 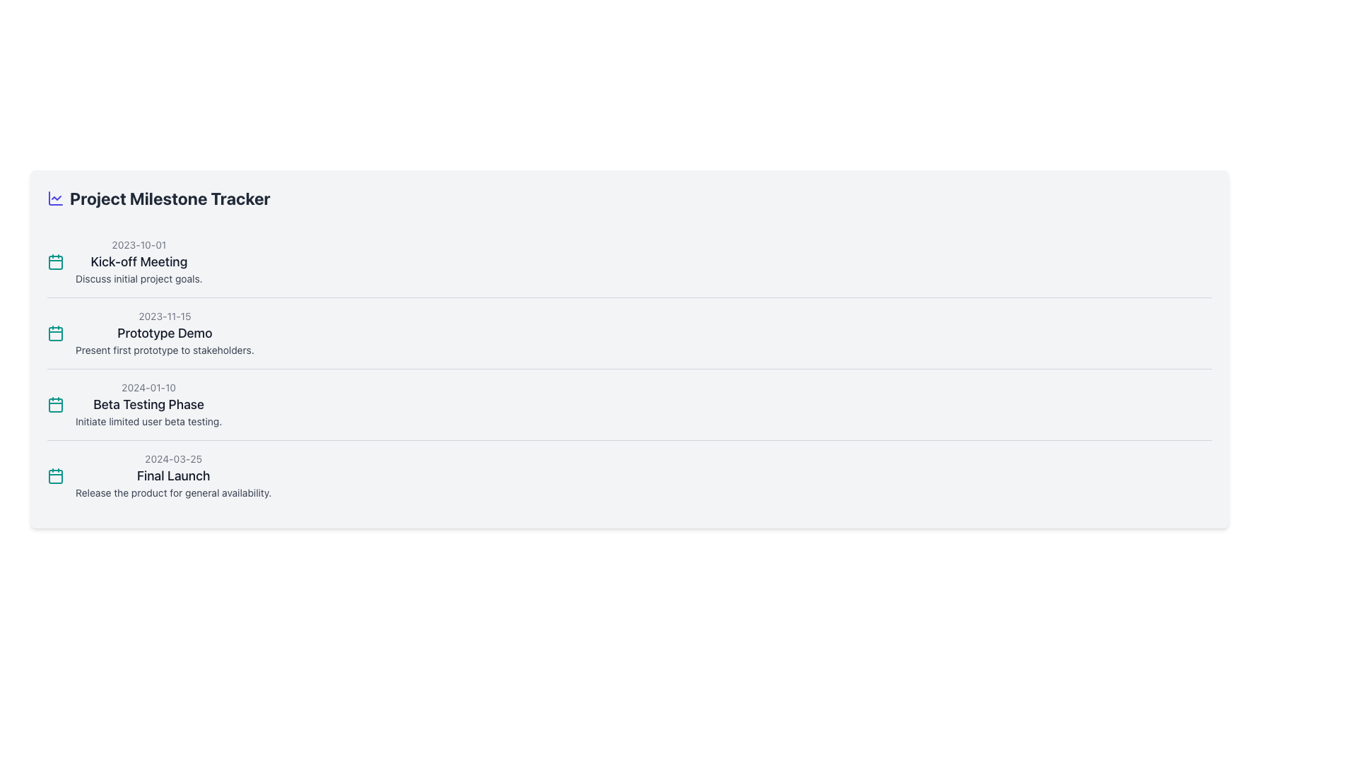 What do you see at coordinates (172, 476) in the screenshot?
I see `information presented in the text display block representing a project milestone, which is the fourth item in a vertical list of milestones` at bounding box center [172, 476].